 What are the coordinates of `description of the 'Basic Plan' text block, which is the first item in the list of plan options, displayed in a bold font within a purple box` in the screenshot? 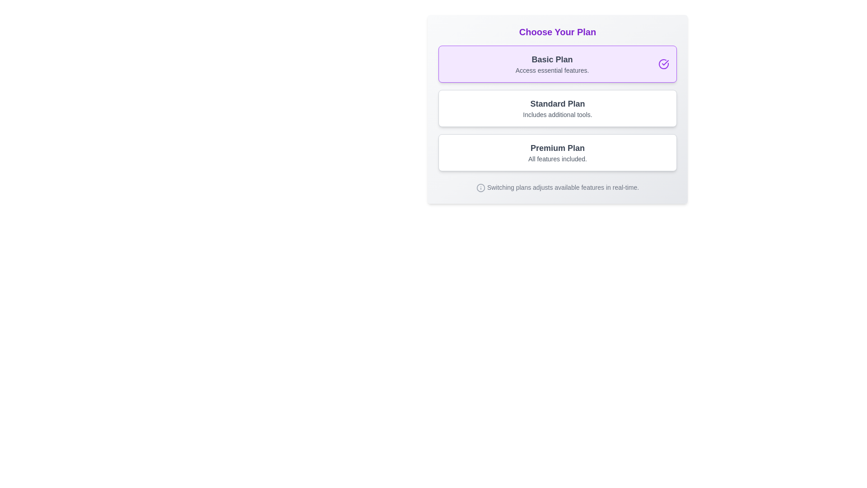 It's located at (552, 64).